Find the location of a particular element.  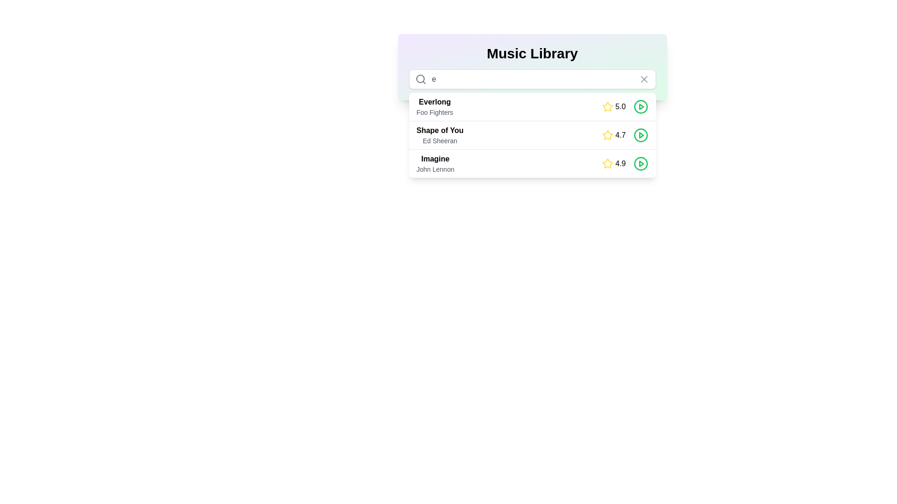

the green circular play button located adjacent to the golden star icon in the first entry of the list labeled '5.0' to trigger the scaling hover effect is located at coordinates (640, 106).